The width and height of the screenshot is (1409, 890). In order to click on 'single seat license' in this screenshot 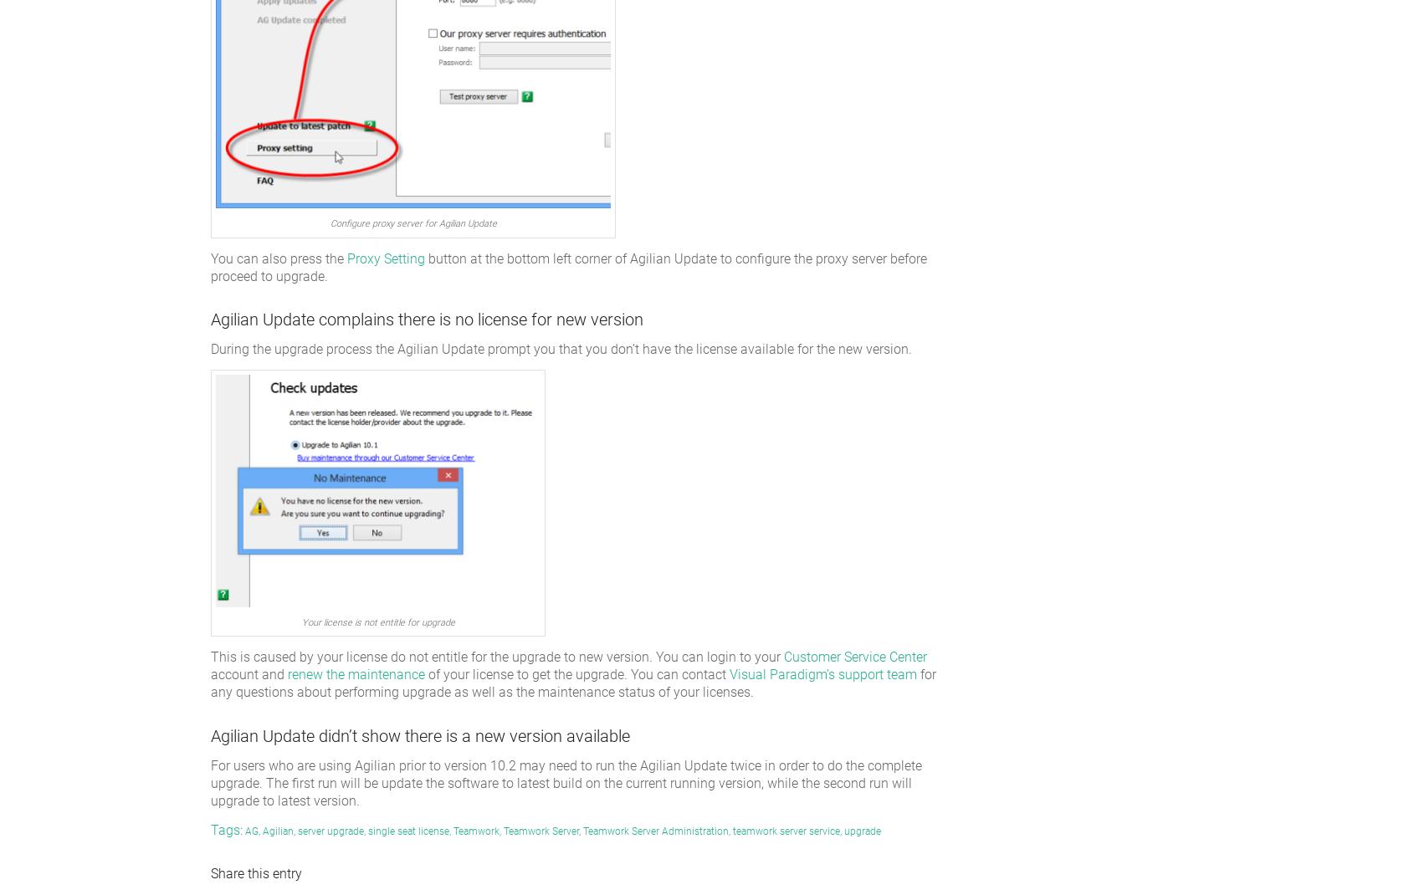, I will do `click(367, 831)`.